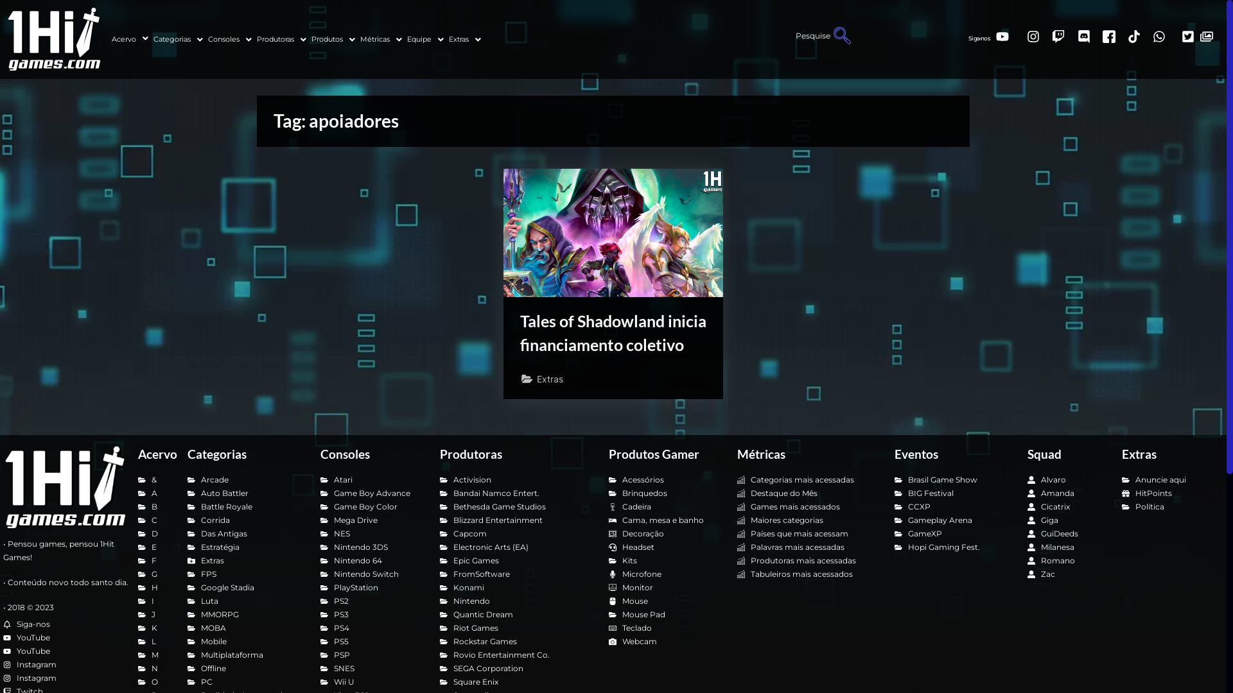 The image size is (1233, 693). I want to click on 'HitPoints', so click(1171, 492).